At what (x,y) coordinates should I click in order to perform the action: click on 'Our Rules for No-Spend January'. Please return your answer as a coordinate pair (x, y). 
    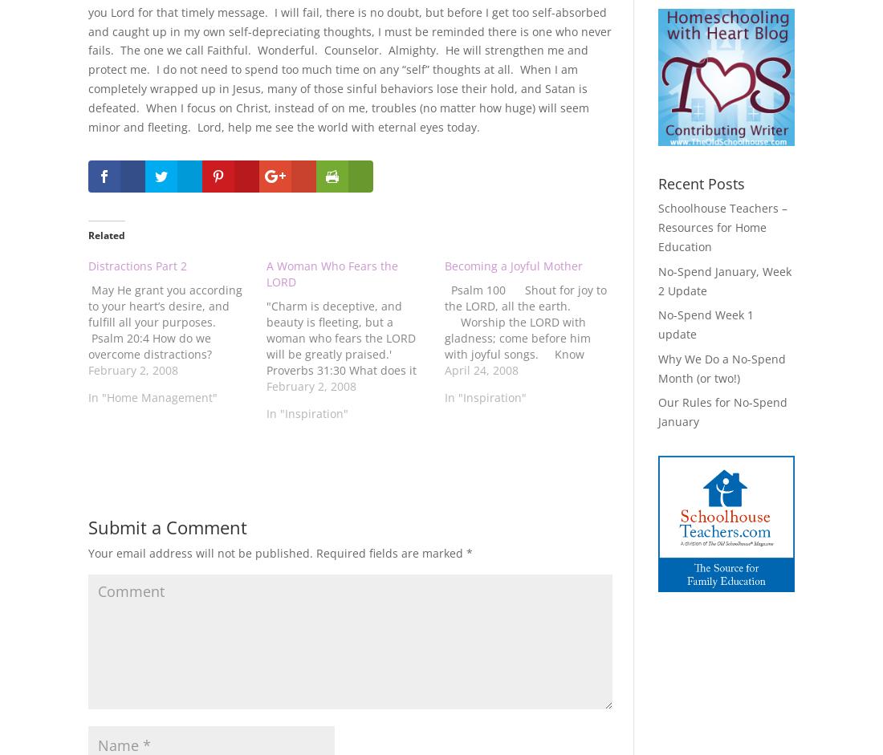
    Looking at the image, I should click on (722, 411).